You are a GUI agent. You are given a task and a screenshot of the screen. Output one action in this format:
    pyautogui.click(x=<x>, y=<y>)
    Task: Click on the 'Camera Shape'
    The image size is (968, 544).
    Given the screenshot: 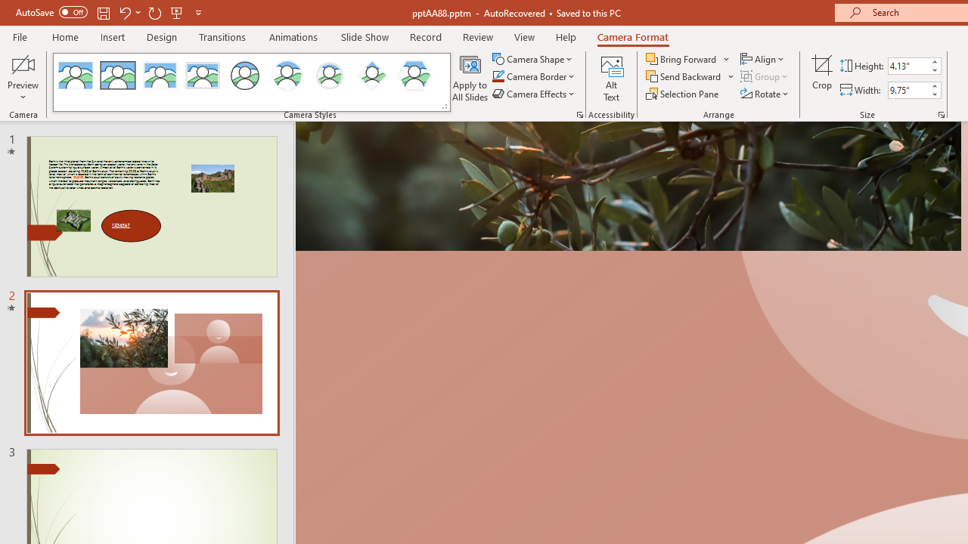 What is the action you would take?
    pyautogui.click(x=533, y=58)
    